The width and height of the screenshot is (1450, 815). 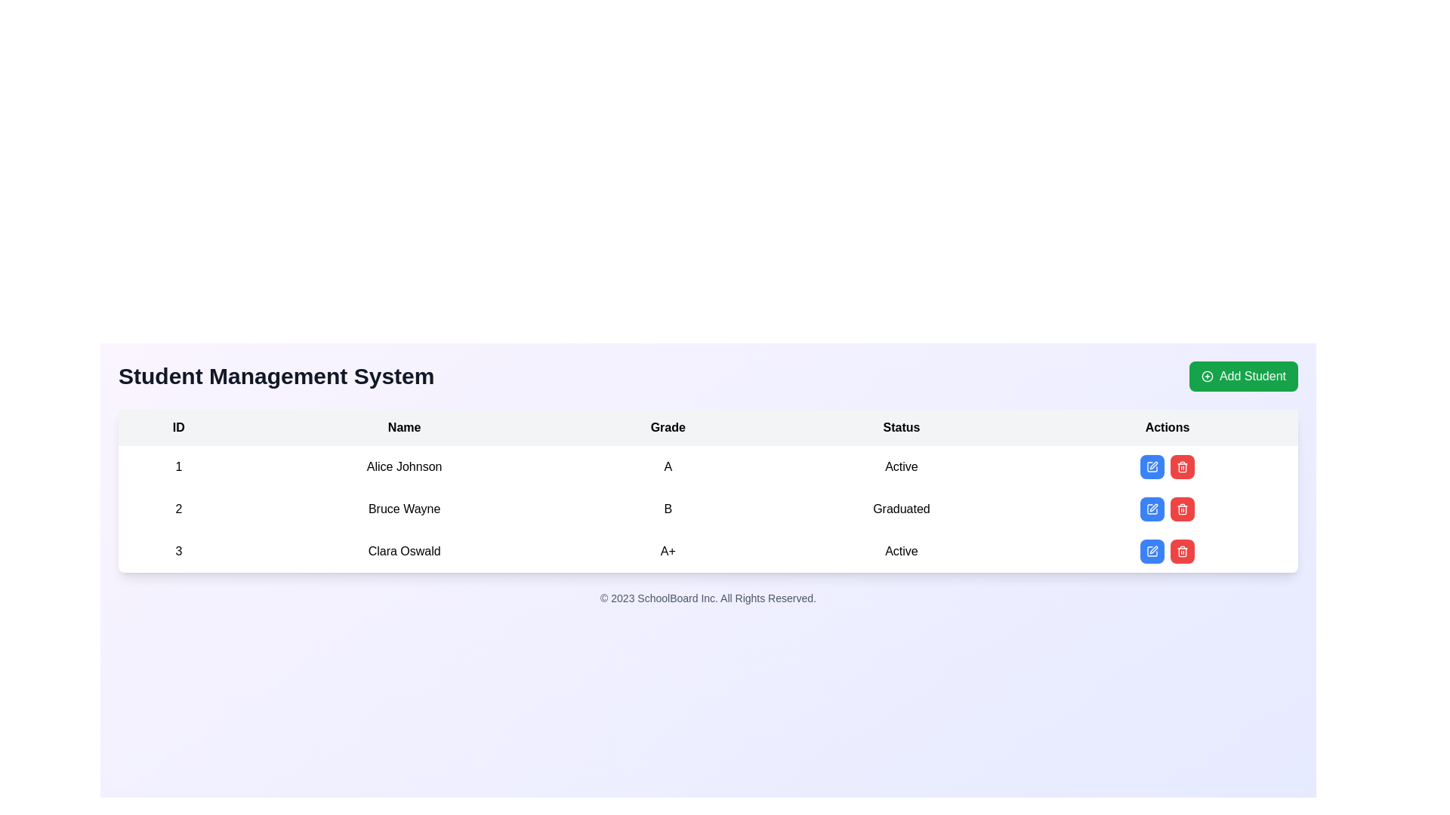 What do you see at coordinates (667, 552) in the screenshot?
I see `the 'Grade' text of Clara Oswald, located in the third row of the table displaying grades` at bounding box center [667, 552].